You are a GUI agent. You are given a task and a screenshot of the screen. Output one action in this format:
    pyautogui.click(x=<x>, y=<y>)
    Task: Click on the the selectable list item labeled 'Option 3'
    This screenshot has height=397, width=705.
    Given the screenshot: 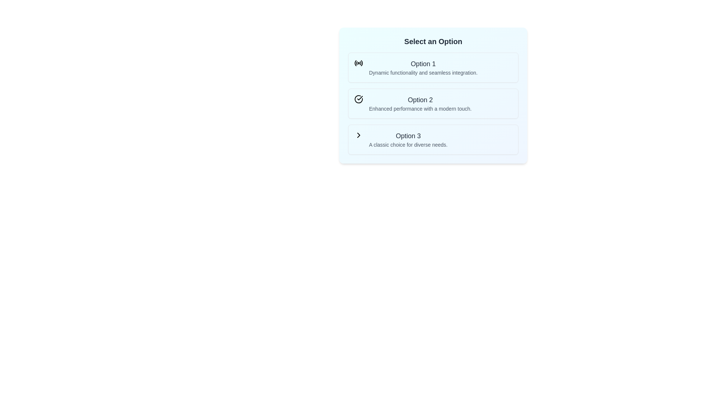 What is the action you would take?
    pyautogui.click(x=433, y=140)
    